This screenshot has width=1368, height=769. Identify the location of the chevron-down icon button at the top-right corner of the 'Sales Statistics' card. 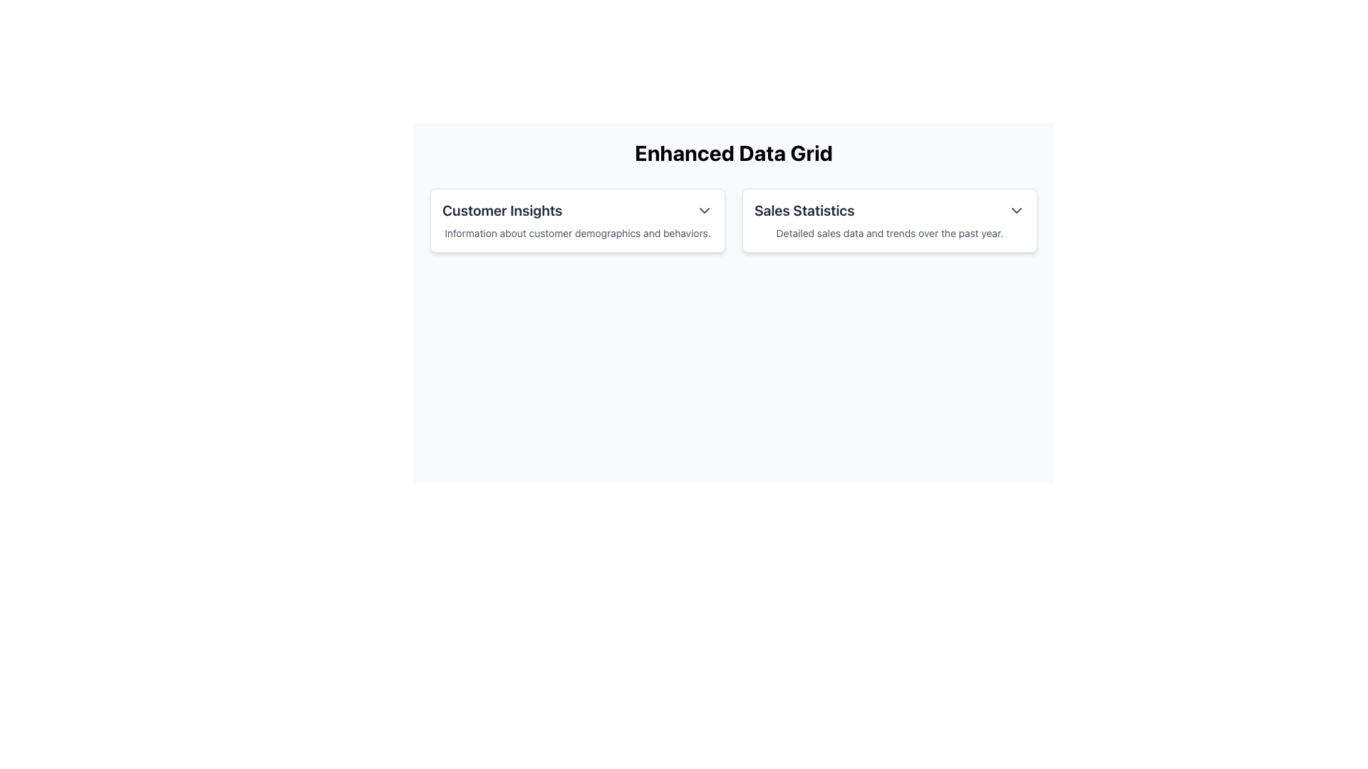
(1015, 211).